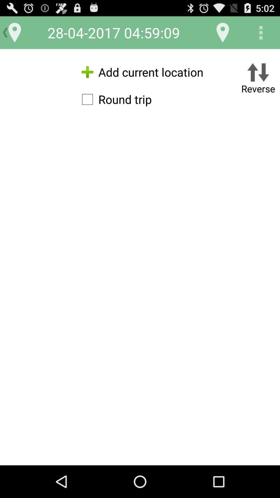  Describe the element at coordinates (258, 79) in the screenshot. I see `button next to add current location` at that location.